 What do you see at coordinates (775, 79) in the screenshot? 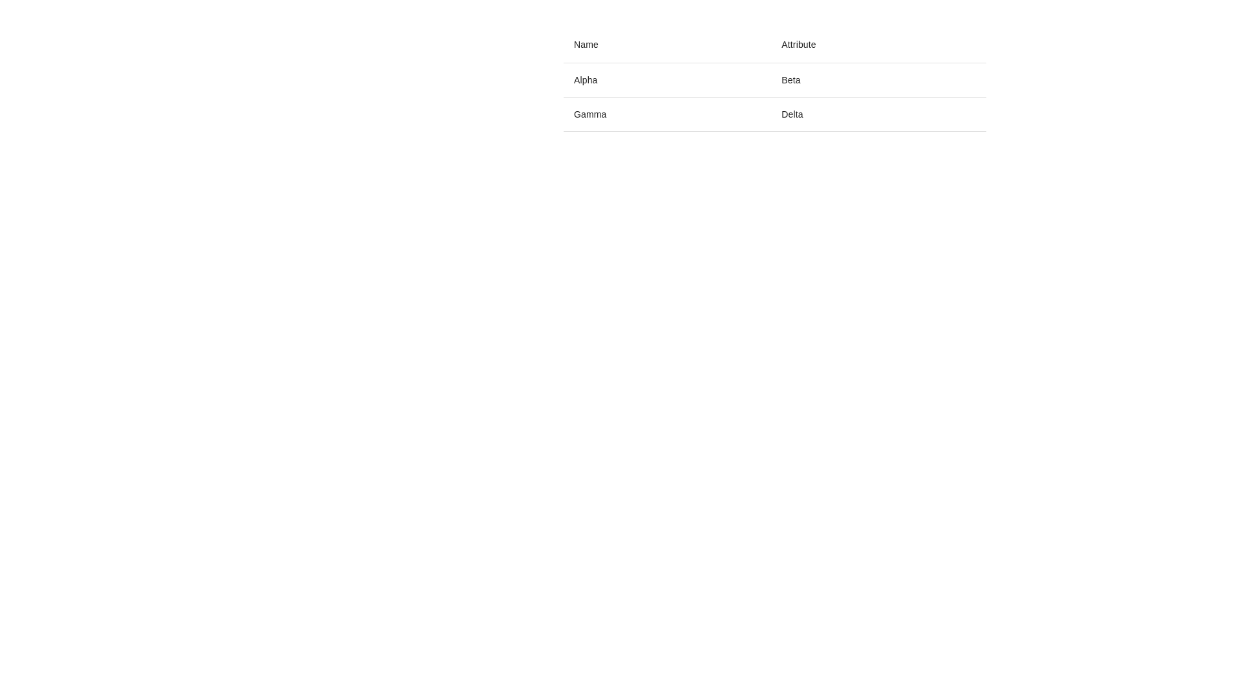
I see `the table cell displaying the text 'Beta' located in the second row under the 'Attribute' column to interact with it` at bounding box center [775, 79].